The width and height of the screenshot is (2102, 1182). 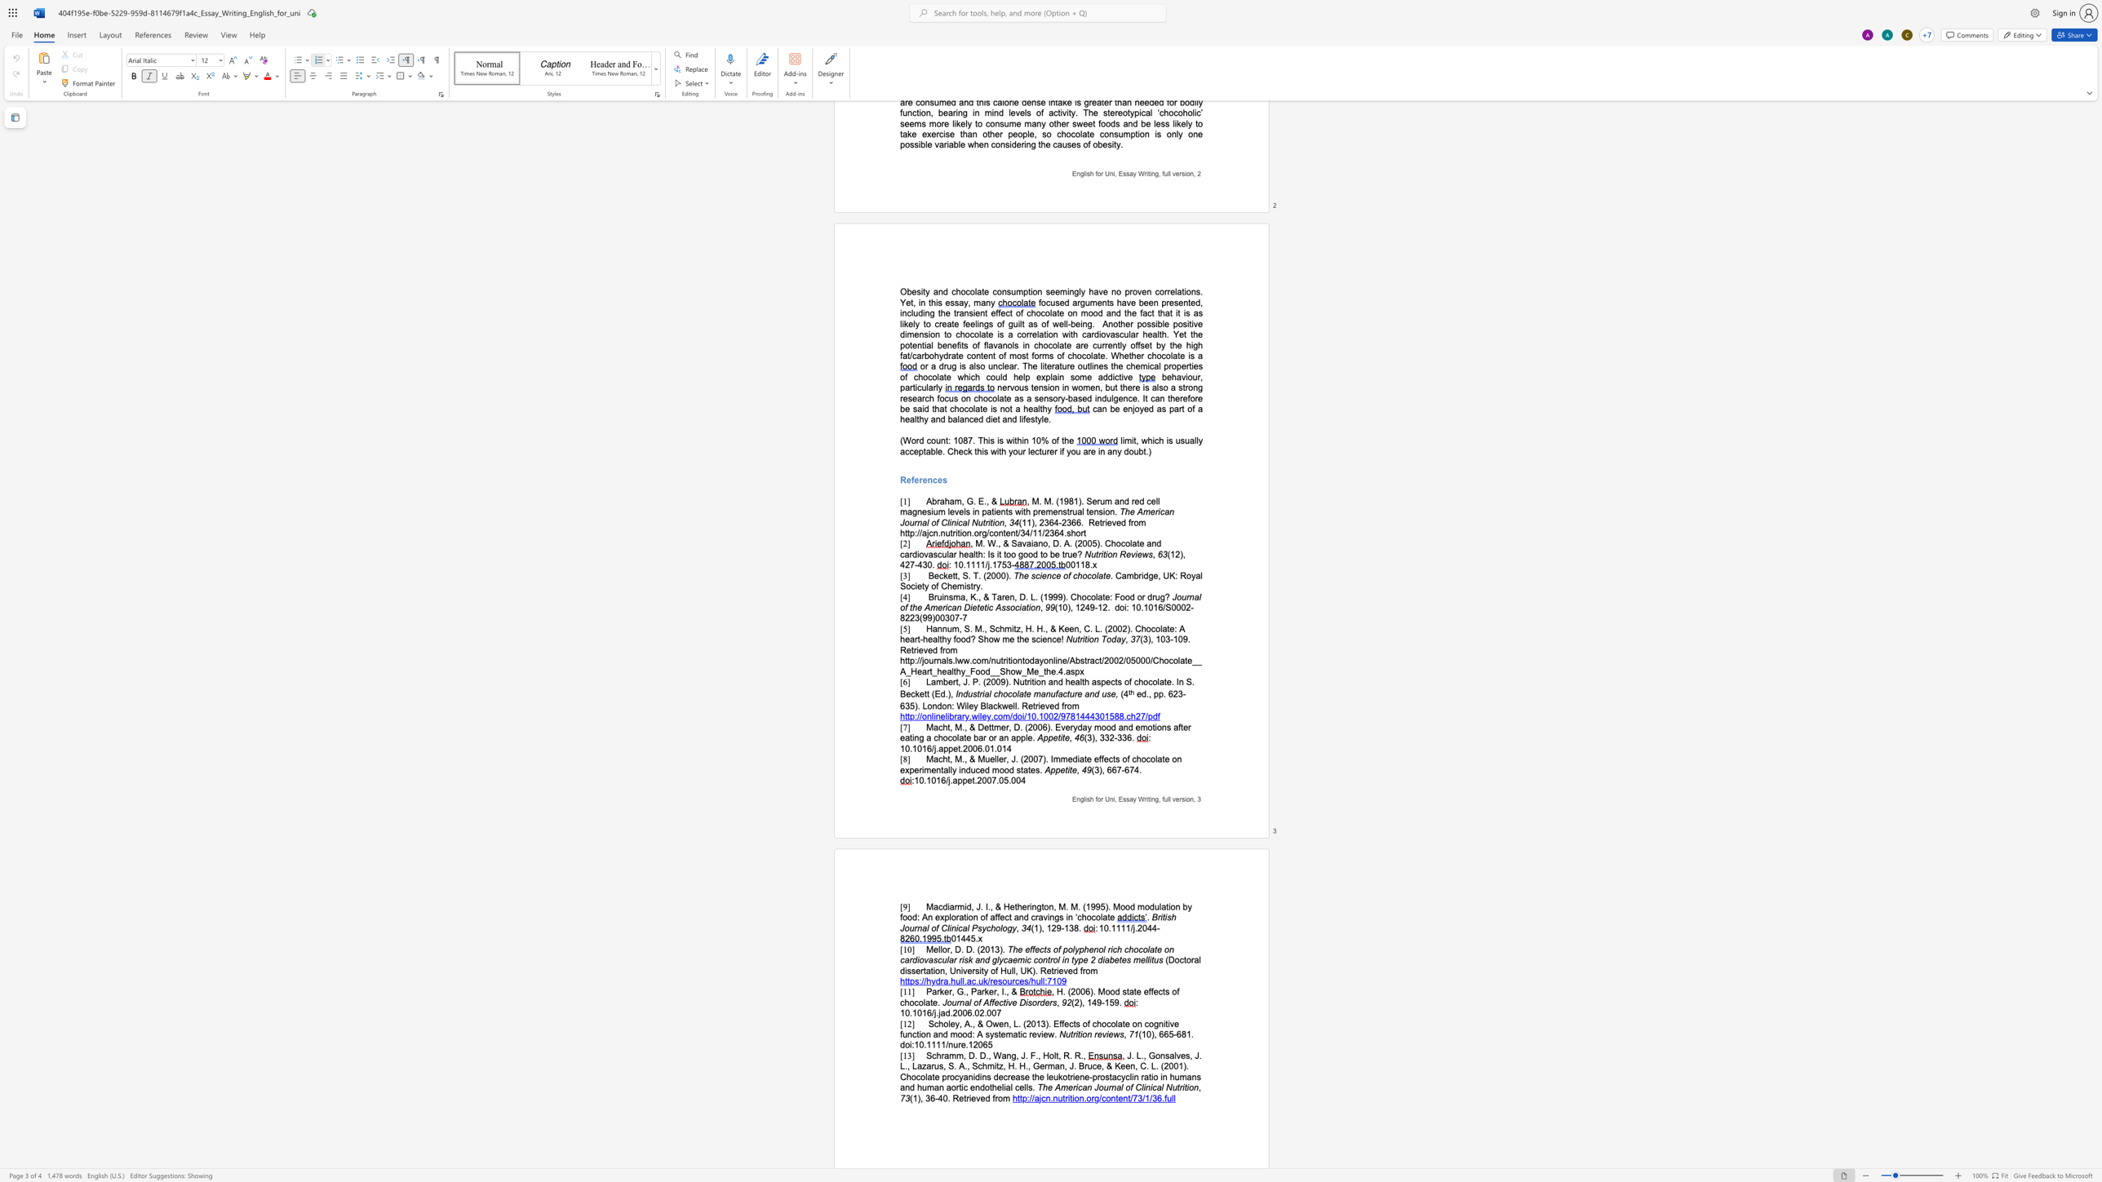 I want to click on the space between the continuous character "5" and "9" in the text, so click(x=1113, y=1002).